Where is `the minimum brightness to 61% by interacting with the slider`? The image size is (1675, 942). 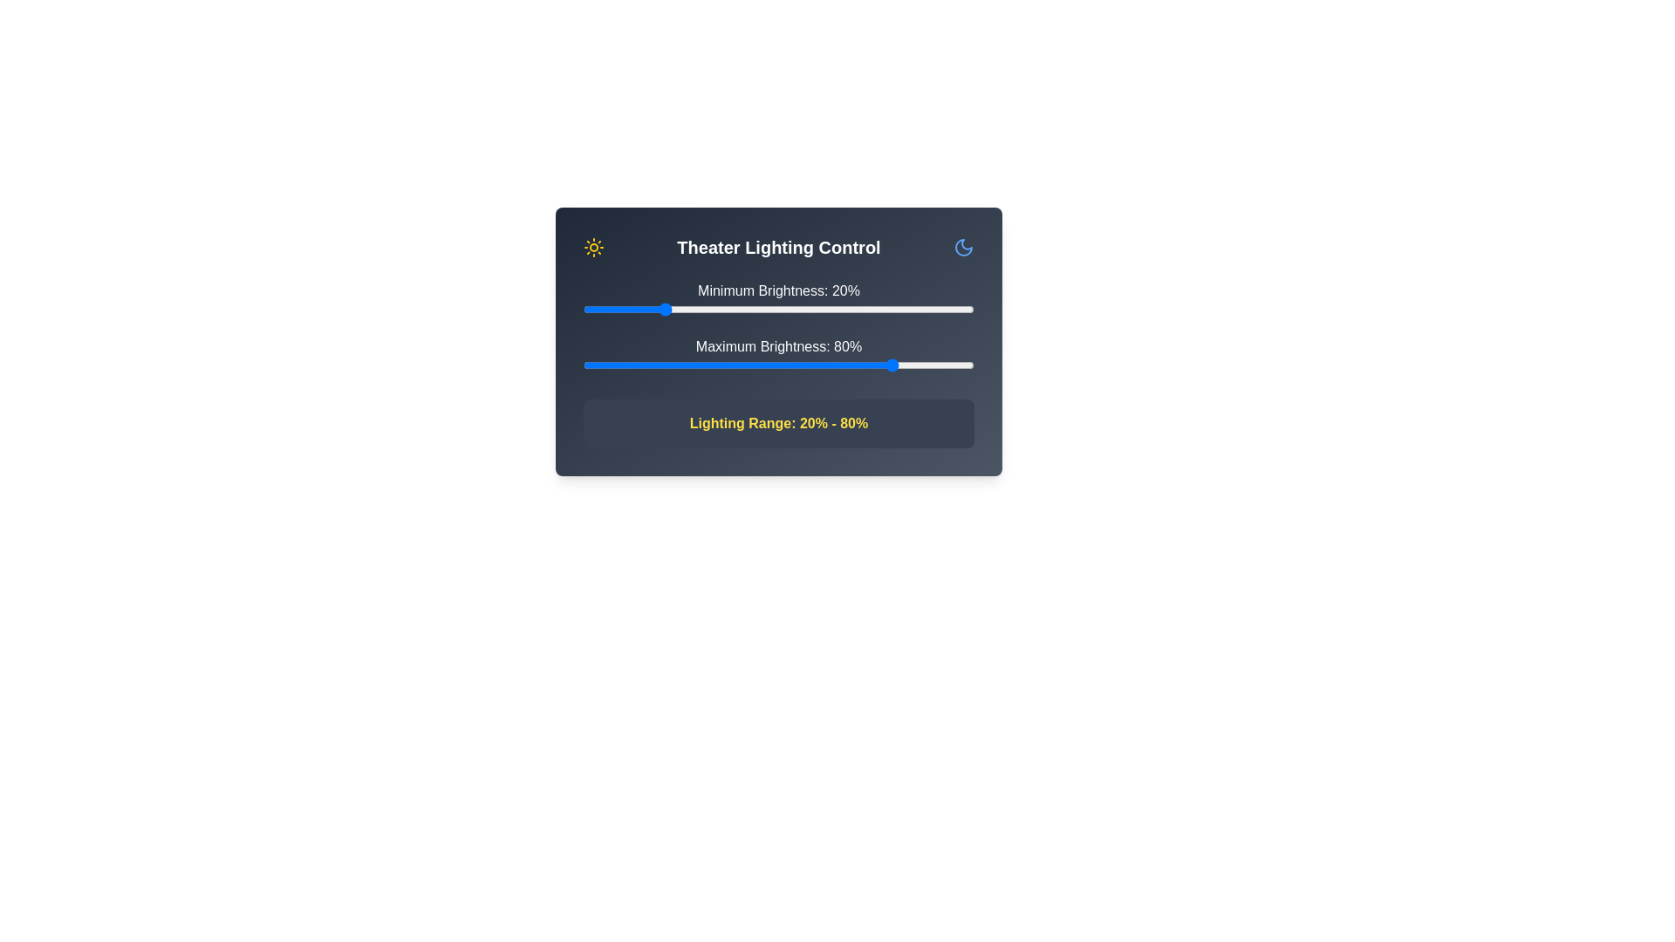 the minimum brightness to 61% by interacting with the slider is located at coordinates (821, 308).